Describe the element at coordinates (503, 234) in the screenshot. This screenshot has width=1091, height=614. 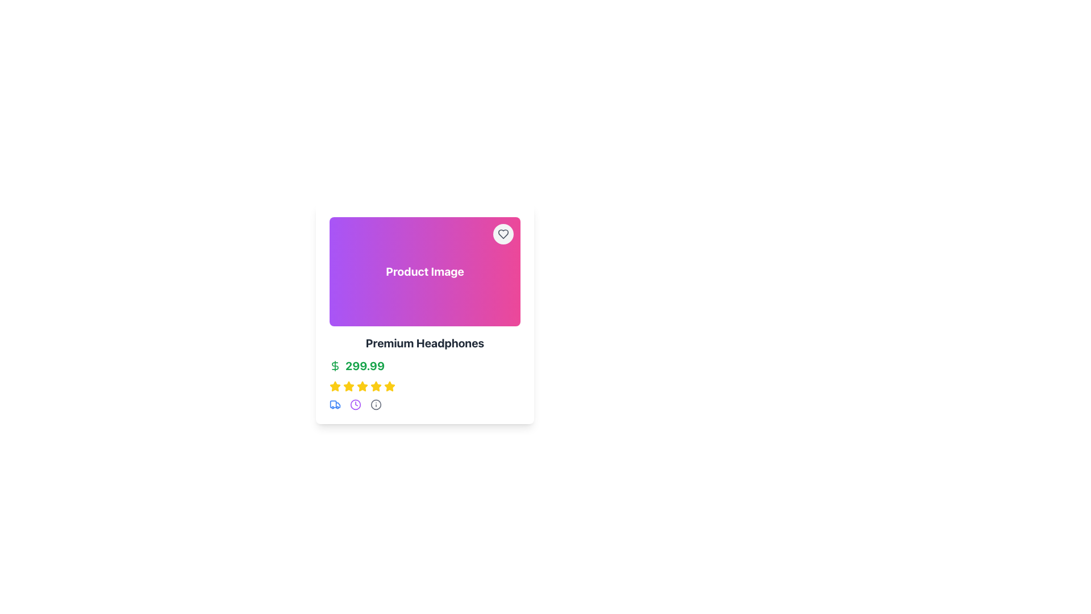
I see `the heart icon button located in the top-right corner of the product card to mark the product as a favorite` at that location.